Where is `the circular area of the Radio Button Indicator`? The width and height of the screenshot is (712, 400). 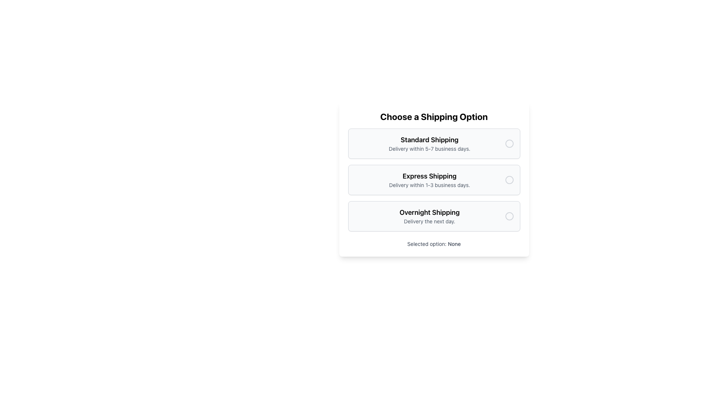
the circular area of the Radio Button Indicator is located at coordinates (509, 180).